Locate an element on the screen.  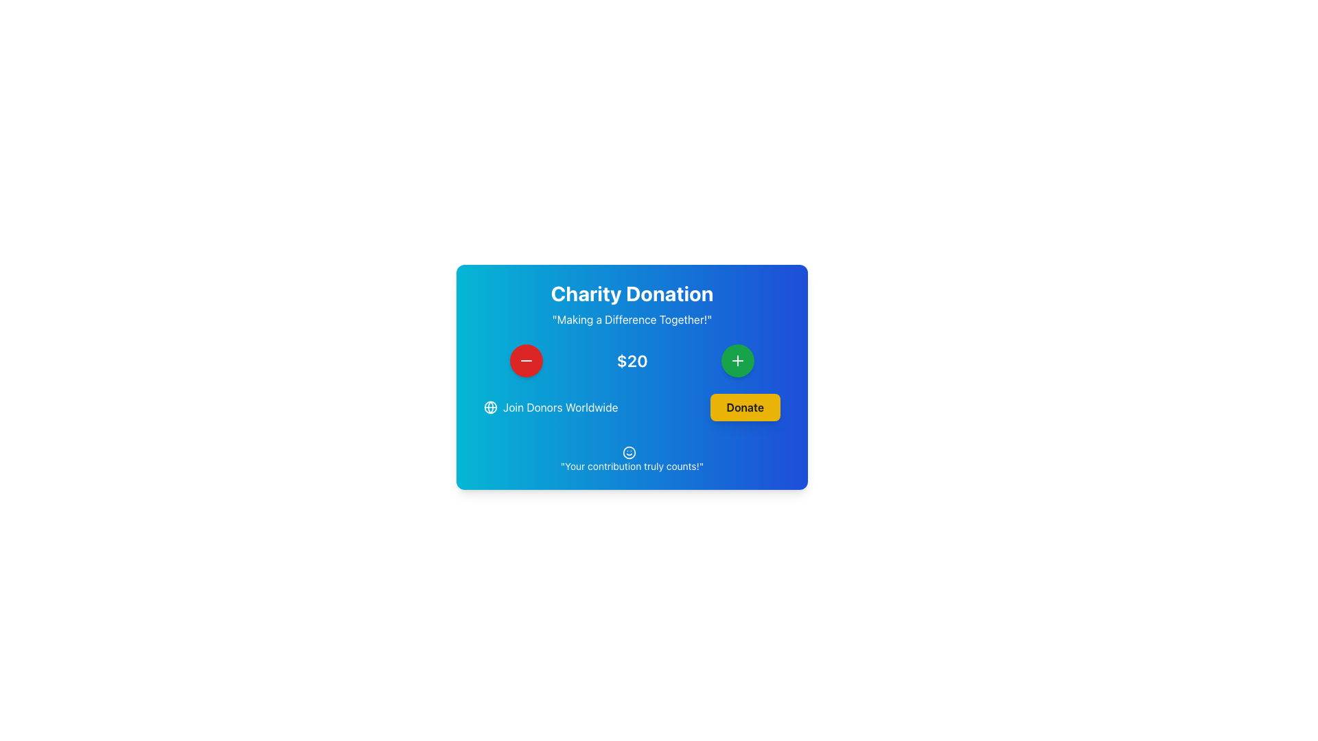
the decrement button located to the left of the '$20' value is located at coordinates (525, 360).